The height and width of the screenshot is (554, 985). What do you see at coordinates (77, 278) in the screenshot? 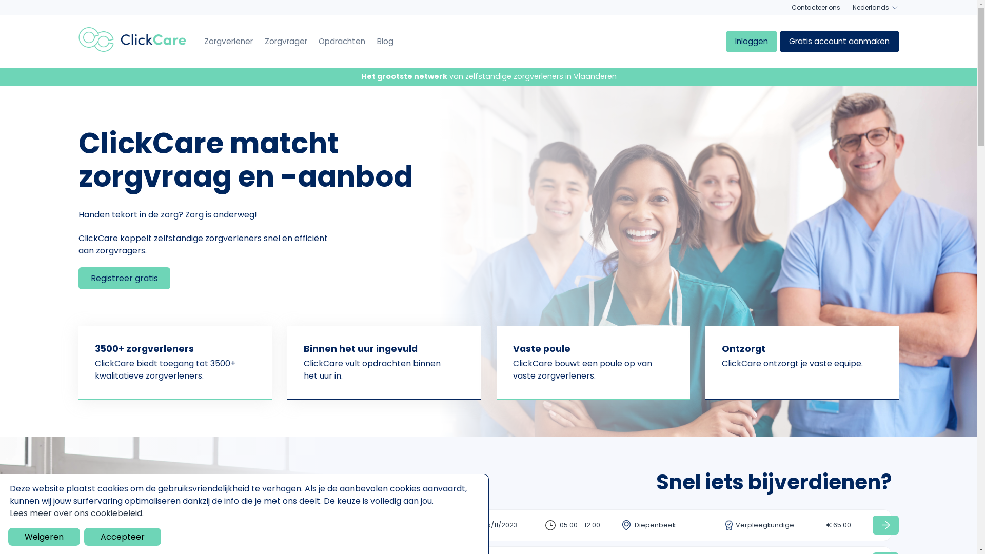
I see `'Registreer gratis'` at bounding box center [77, 278].